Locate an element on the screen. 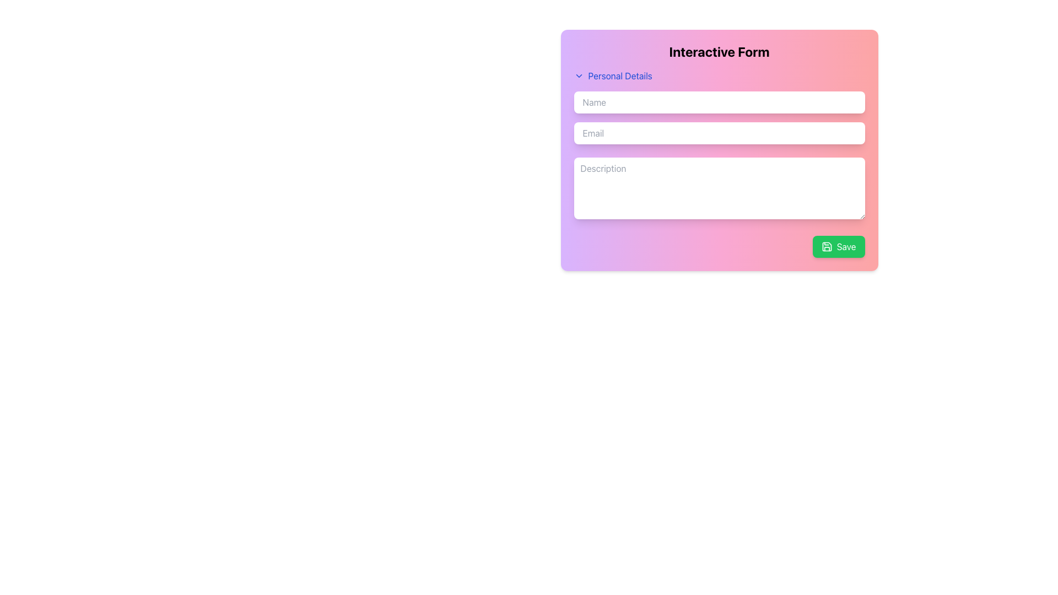 This screenshot has width=1058, height=595. the chevron icon located to the left of the 'Personal Details' label is located at coordinates (578, 75).